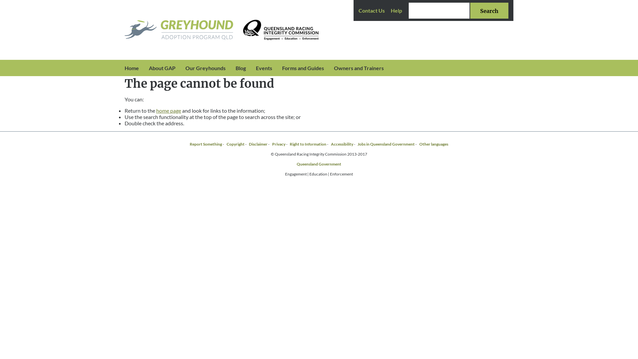  I want to click on 'Right to Information', so click(307, 144).